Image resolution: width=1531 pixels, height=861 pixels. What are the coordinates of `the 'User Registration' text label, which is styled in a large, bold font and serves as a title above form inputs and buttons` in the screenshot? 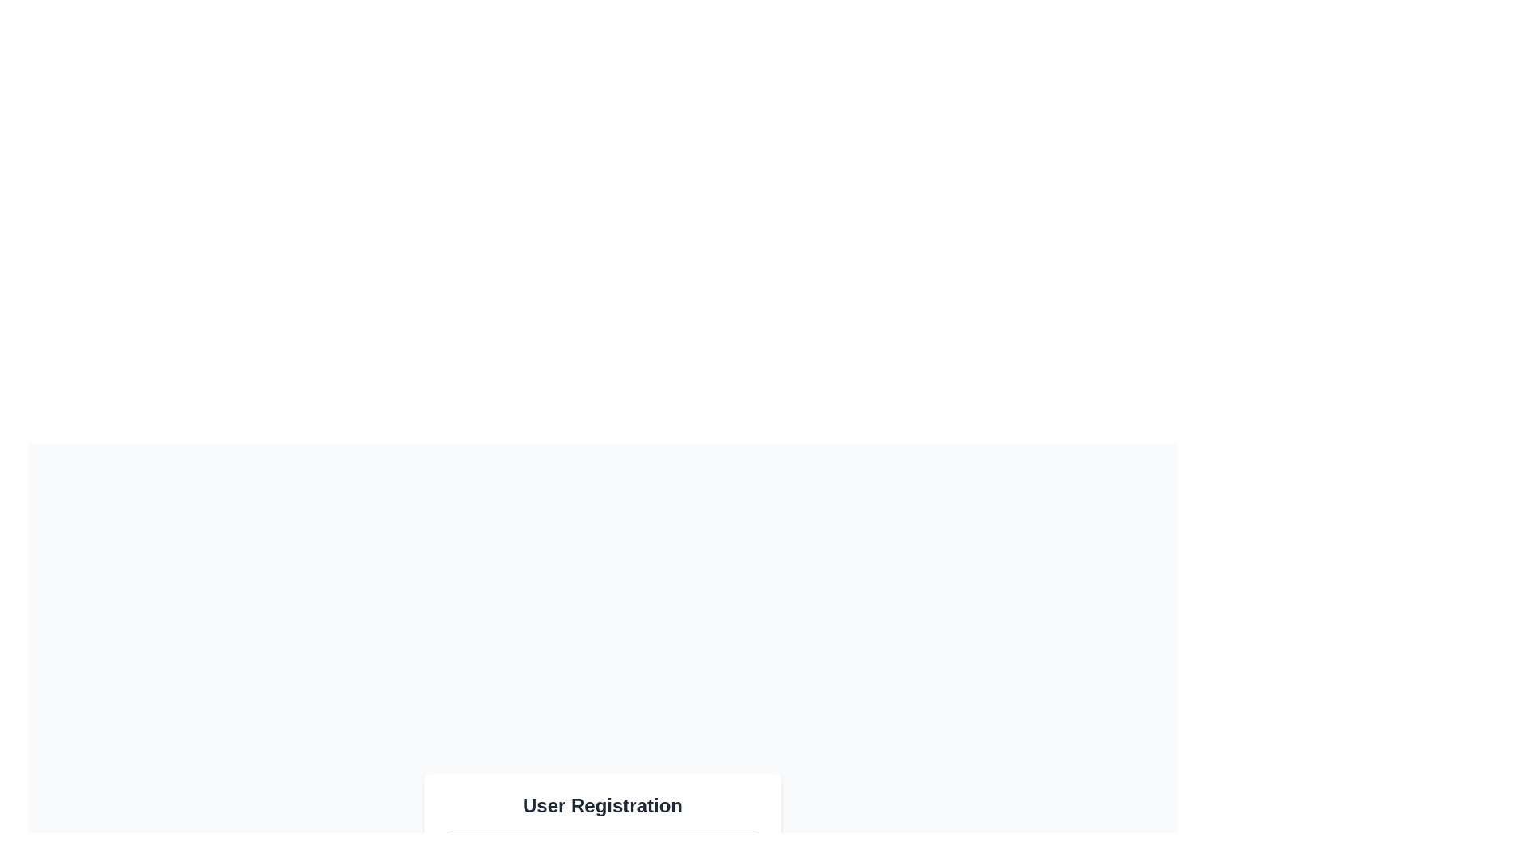 It's located at (601, 805).